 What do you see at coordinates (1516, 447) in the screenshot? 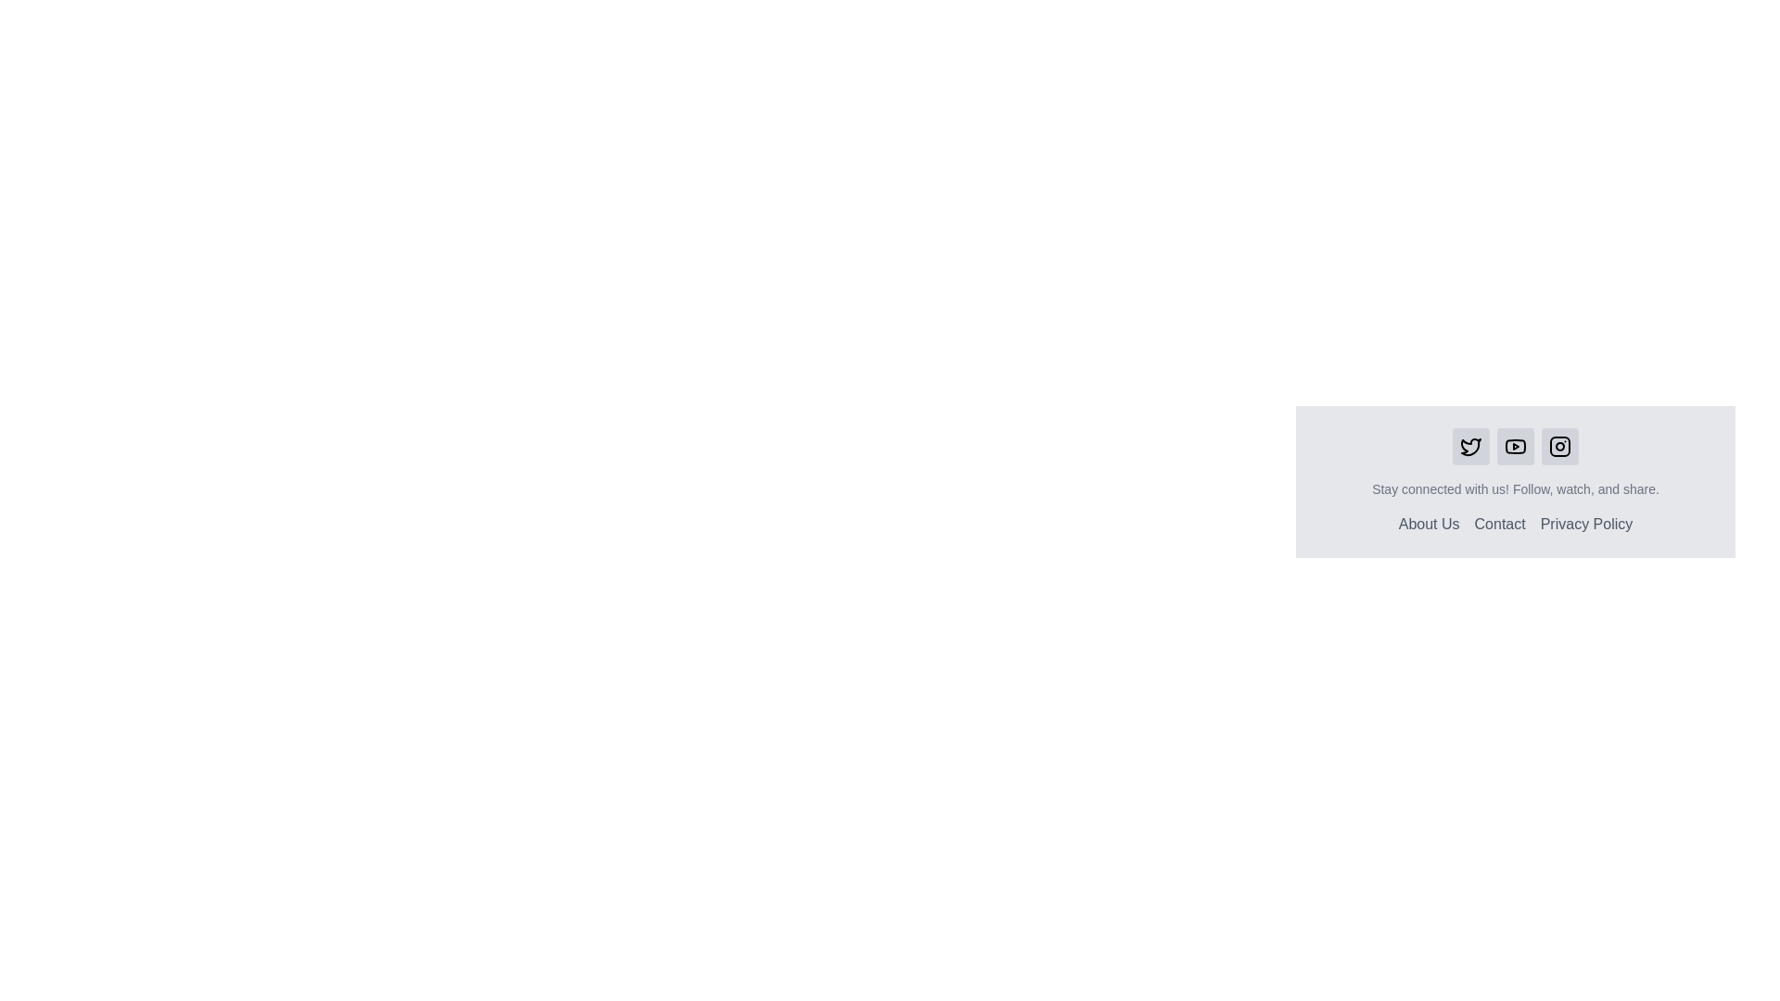
I see `the red play button icon resembling a YouTube logo, which is the second icon in a horizontal row of three icons` at bounding box center [1516, 447].